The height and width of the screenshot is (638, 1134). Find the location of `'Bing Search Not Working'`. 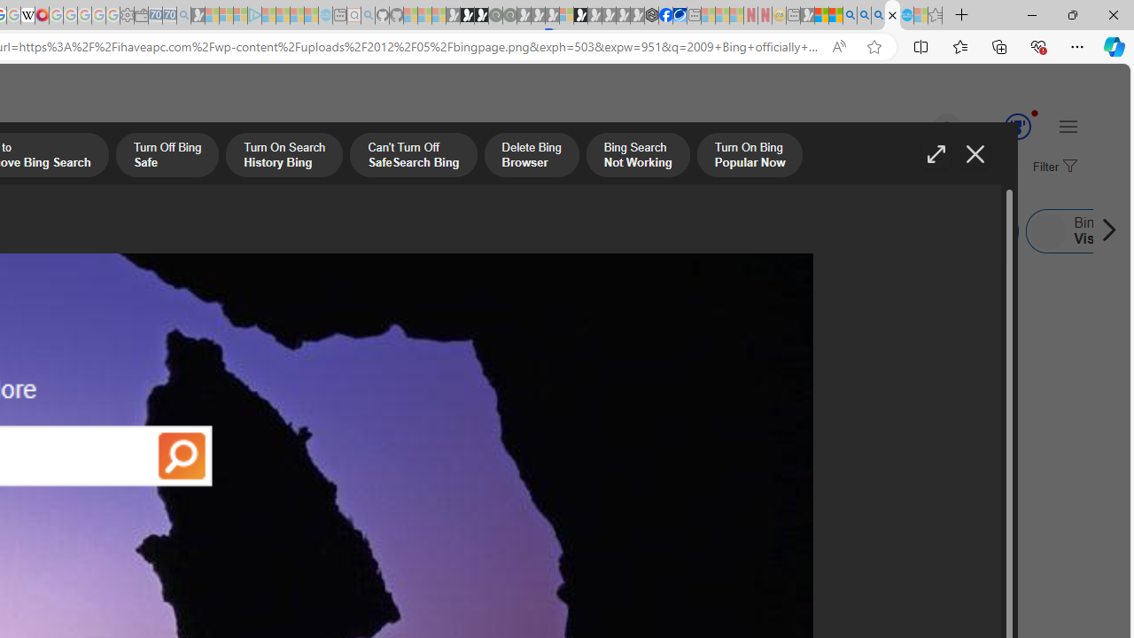

'Bing Search Not Working' is located at coordinates (638, 156).